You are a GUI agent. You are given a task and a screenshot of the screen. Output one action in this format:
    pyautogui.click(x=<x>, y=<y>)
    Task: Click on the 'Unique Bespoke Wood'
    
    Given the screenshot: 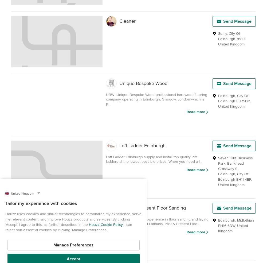 What is the action you would take?
    pyautogui.click(x=119, y=83)
    